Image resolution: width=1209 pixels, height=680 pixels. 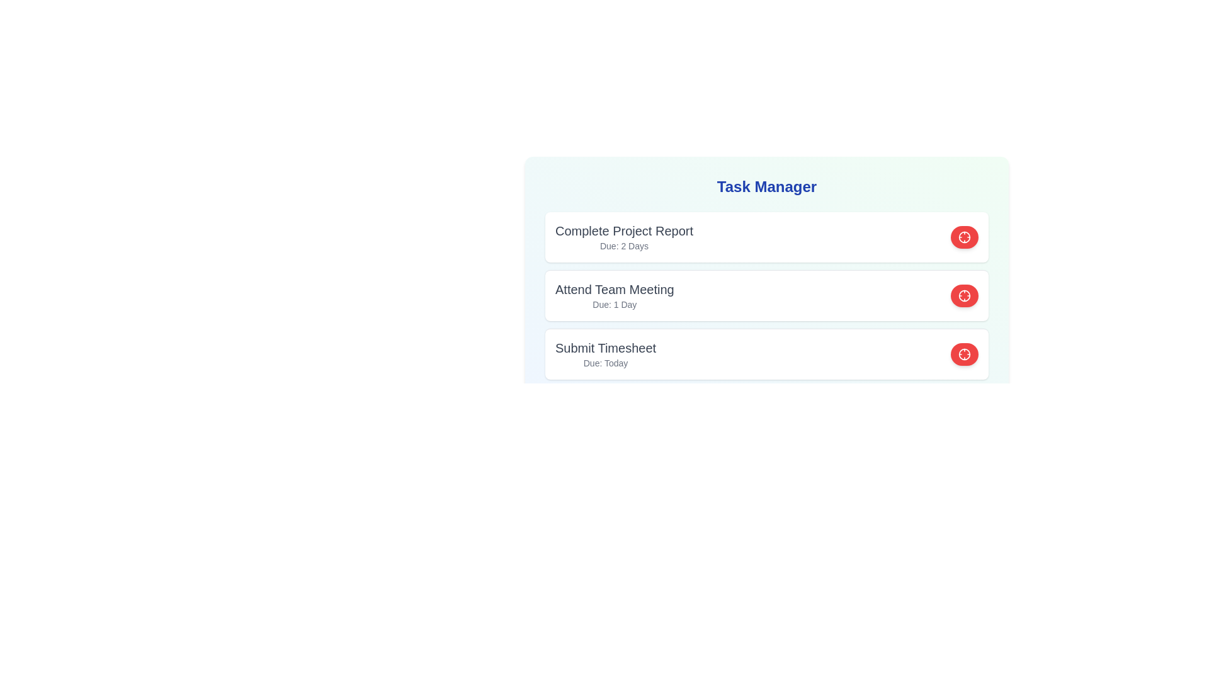 What do you see at coordinates (615, 289) in the screenshot?
I see `the text label displaying 'Attend Team Meeting'` at bounding box center [615, 289].